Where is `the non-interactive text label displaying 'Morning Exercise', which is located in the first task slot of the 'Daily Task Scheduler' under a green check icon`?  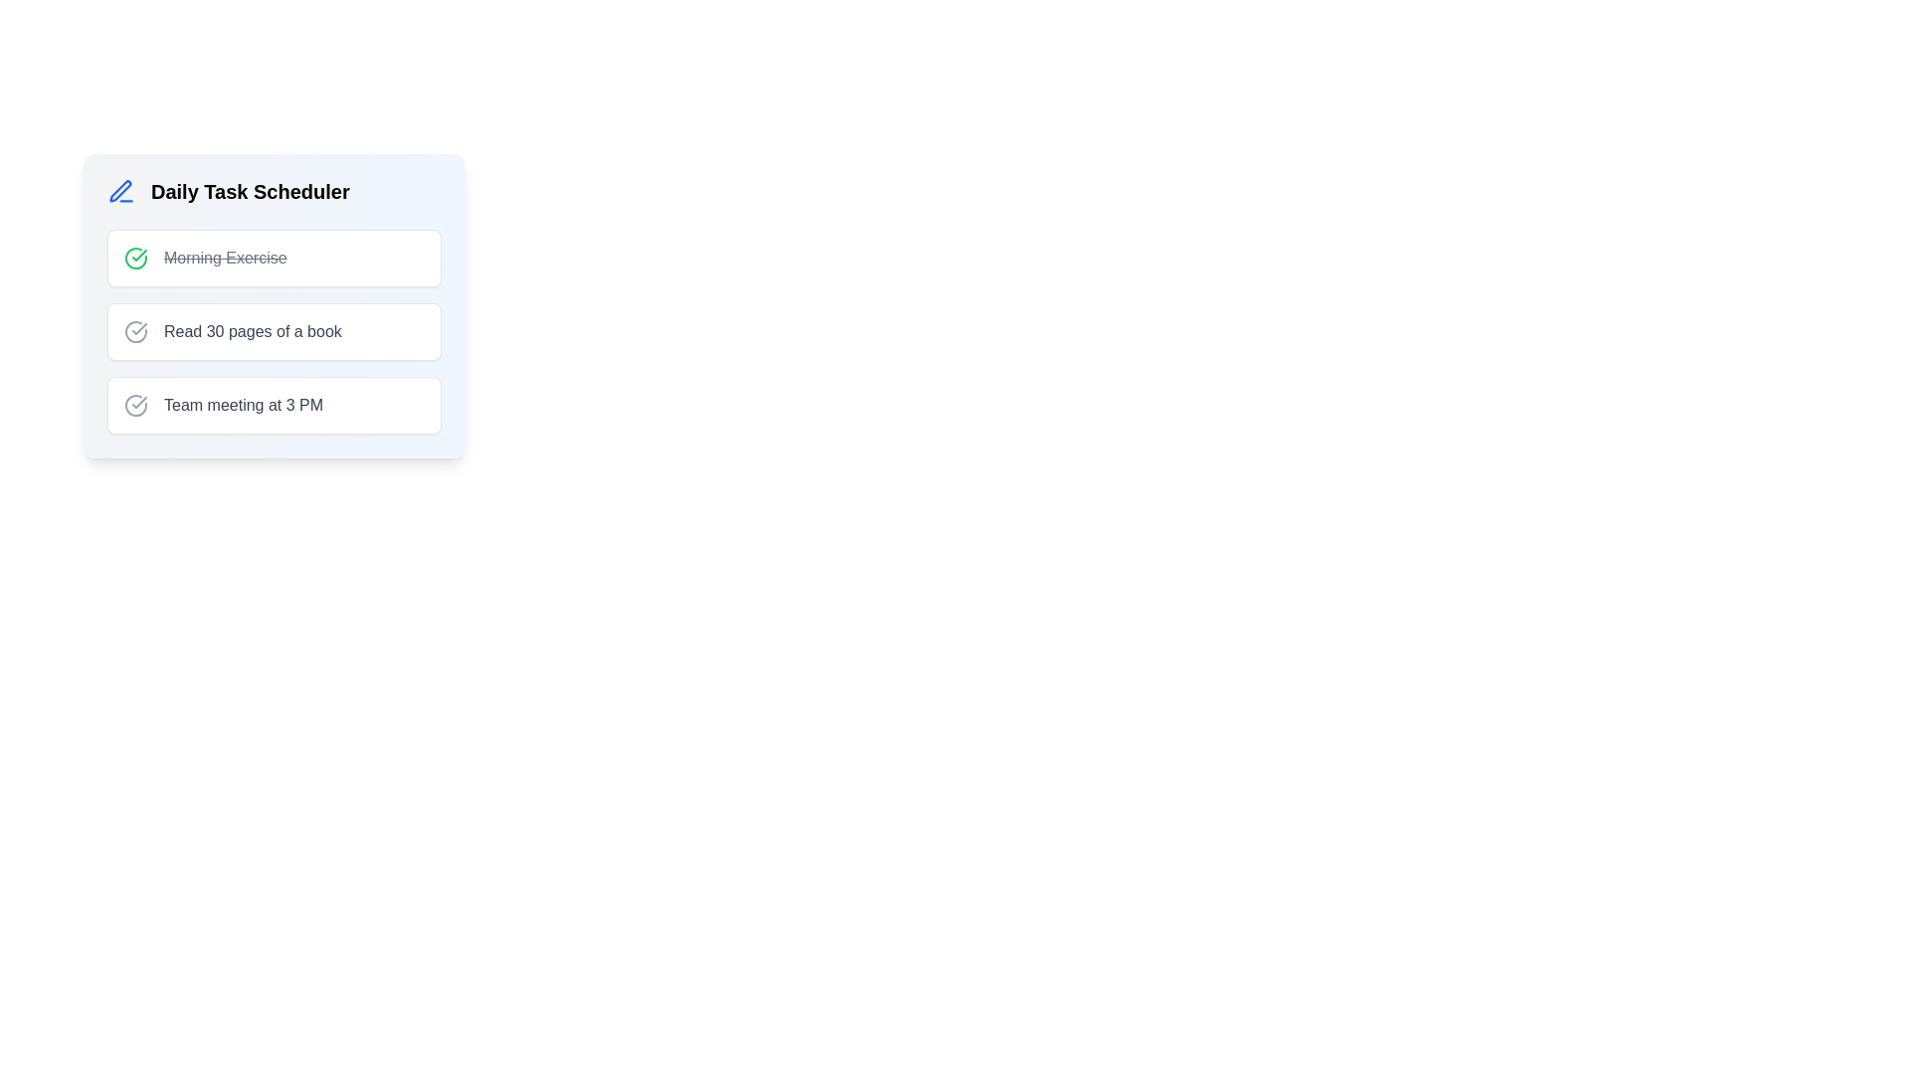
the non-interactive text label displaying 'Morning Exercise', which is located in the first task slot of the 'Daily Task Scheduler' under a green check icon is located at coordinates (225, 257).